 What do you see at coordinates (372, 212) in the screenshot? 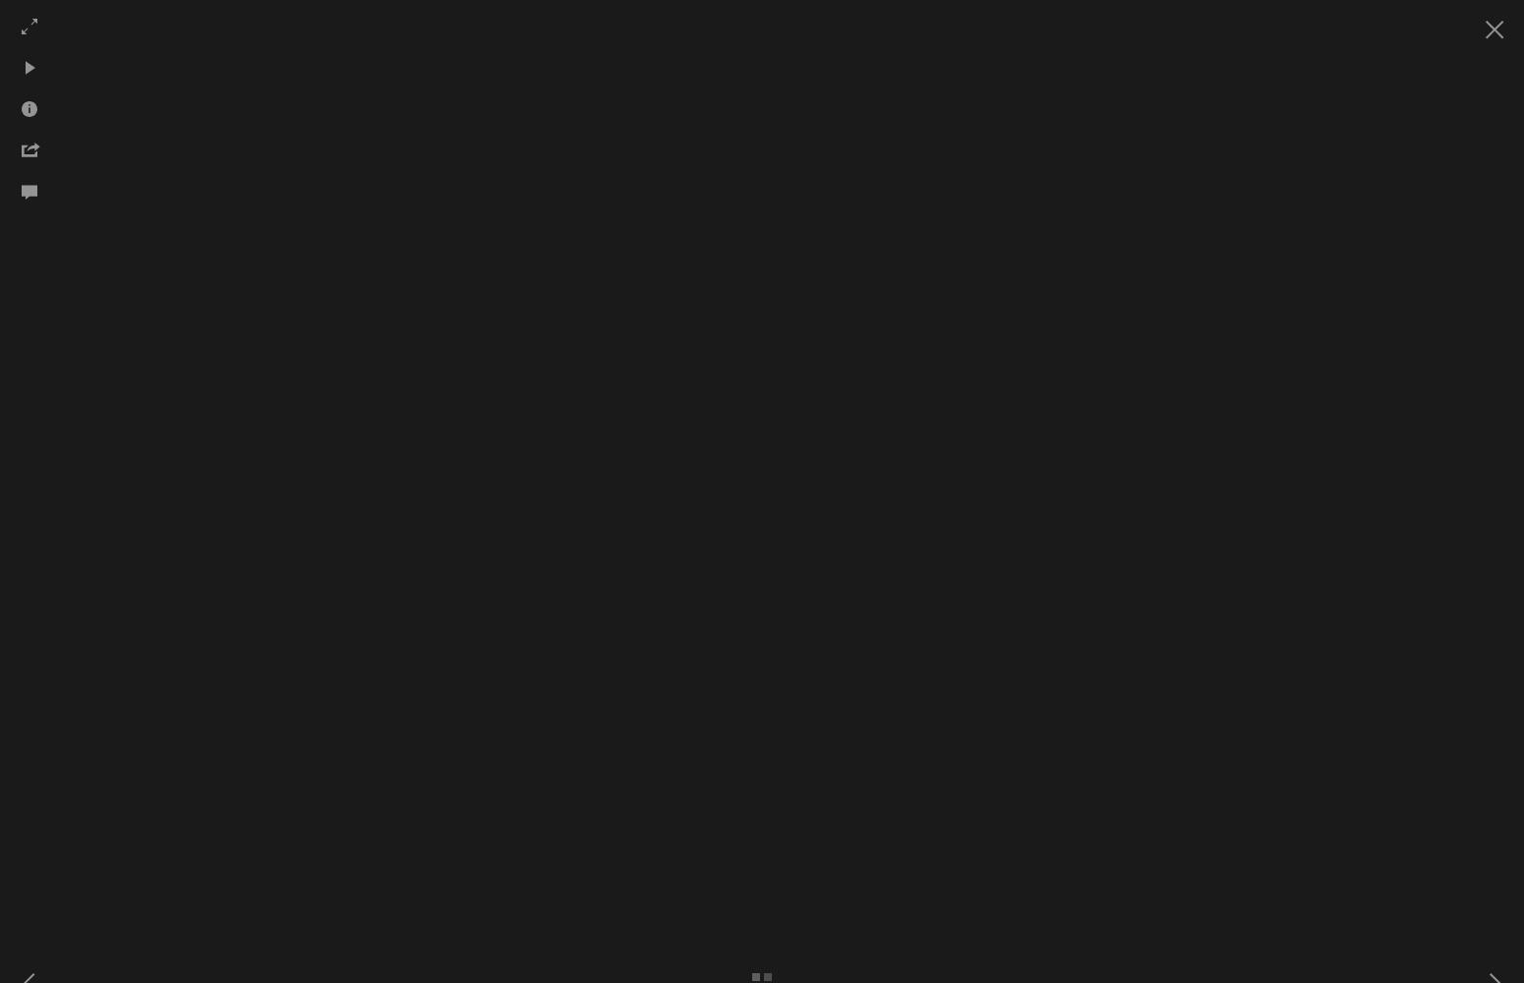
I see `'Home'` at bounding box center [372, 212].